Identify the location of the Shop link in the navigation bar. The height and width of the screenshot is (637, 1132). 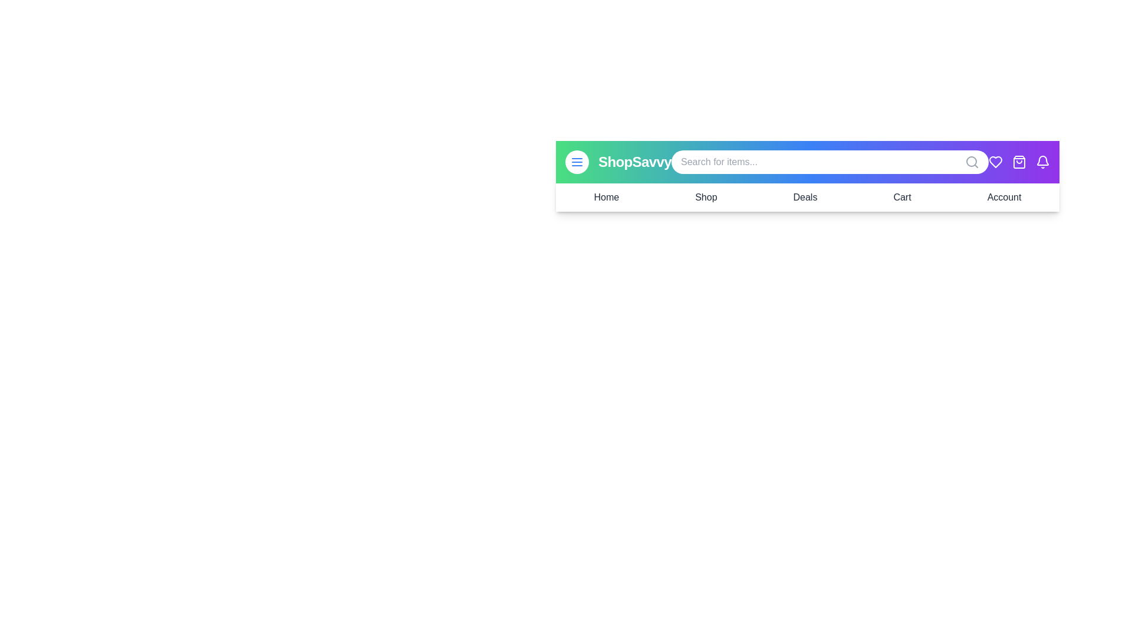
(705, 197).